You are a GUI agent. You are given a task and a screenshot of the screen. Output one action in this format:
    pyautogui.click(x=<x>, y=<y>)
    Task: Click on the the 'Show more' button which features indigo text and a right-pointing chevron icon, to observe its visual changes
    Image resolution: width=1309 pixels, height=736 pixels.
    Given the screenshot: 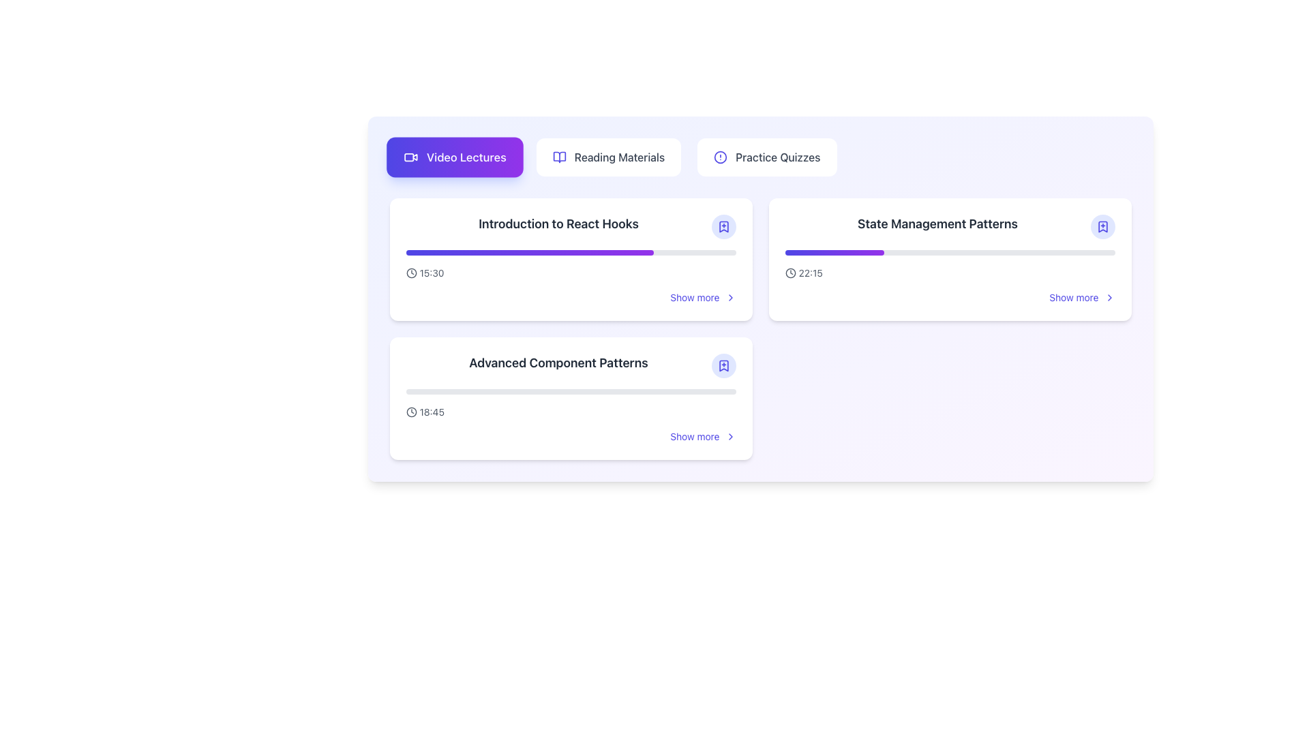 What is the action you would take?
    pyautogui.click(x=703, y=296)
    